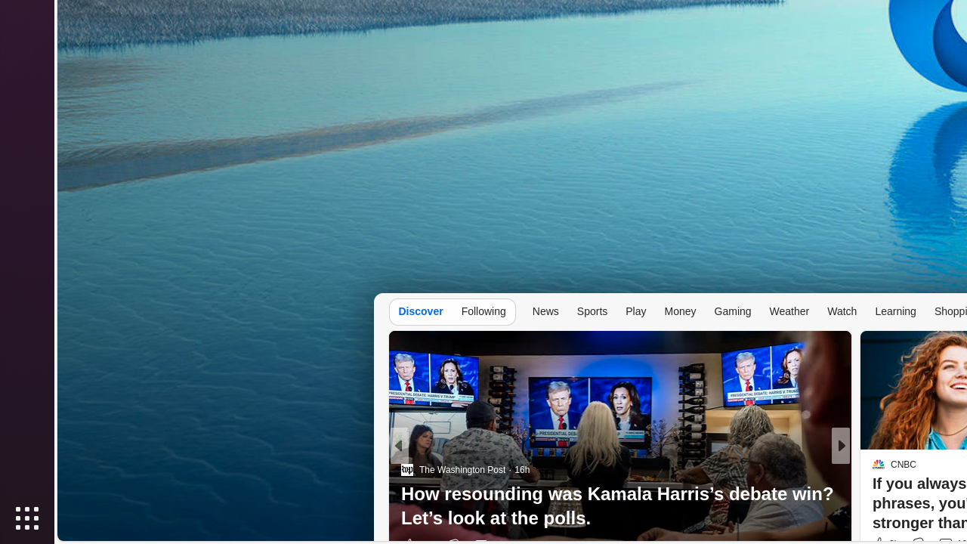 This screenshot has height=544, width=967. Describe the element at coordinates (483, 310) in the screenshot. I see `'Following'` at that location.